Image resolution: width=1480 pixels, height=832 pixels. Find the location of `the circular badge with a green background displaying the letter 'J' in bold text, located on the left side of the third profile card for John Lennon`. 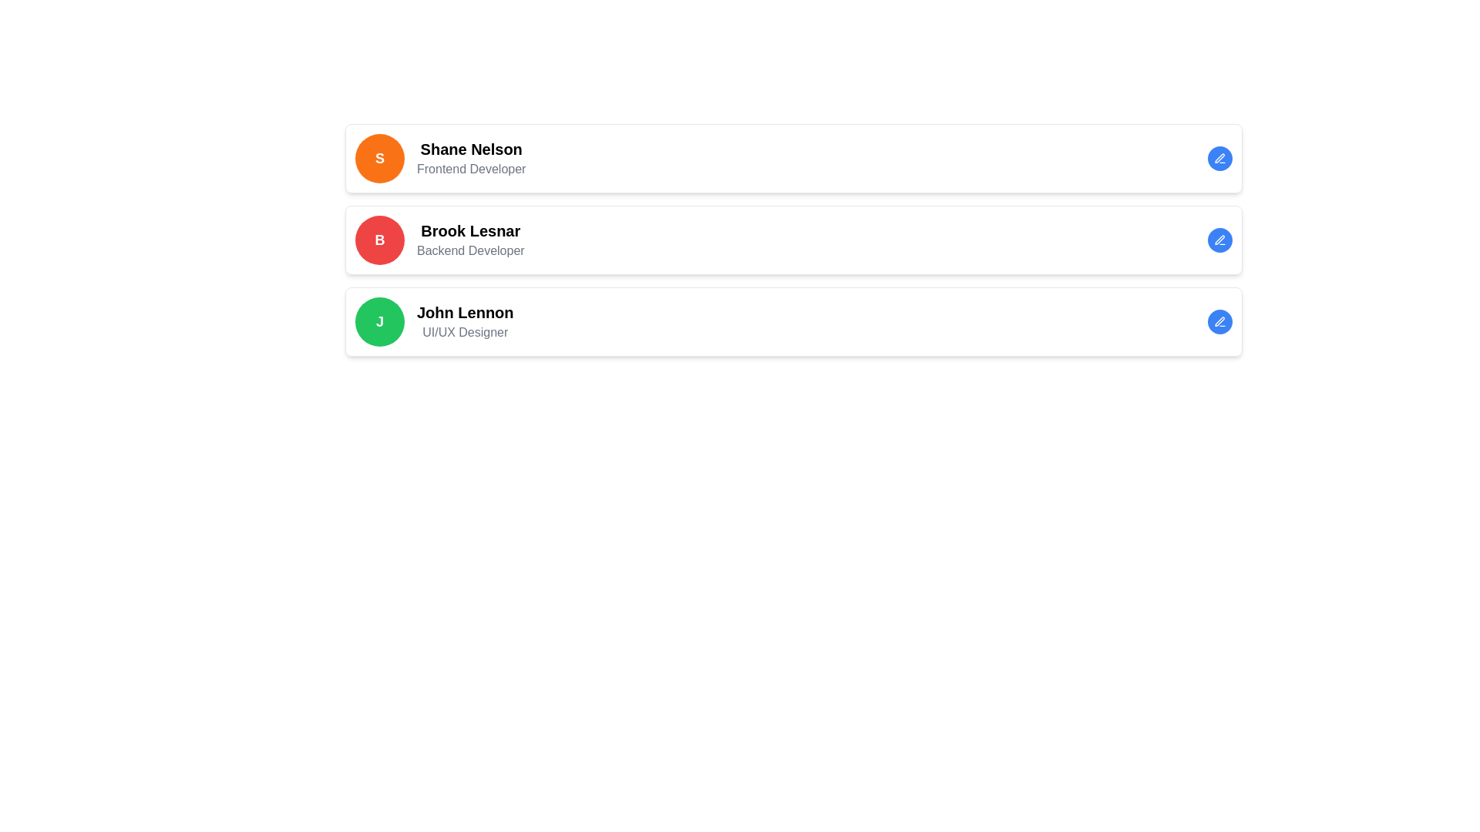

the circular badge with a green background displaying the letter 'J' in bold text, located on the left side of the third profile card for John Lennon is located at coordinates (380, 320).